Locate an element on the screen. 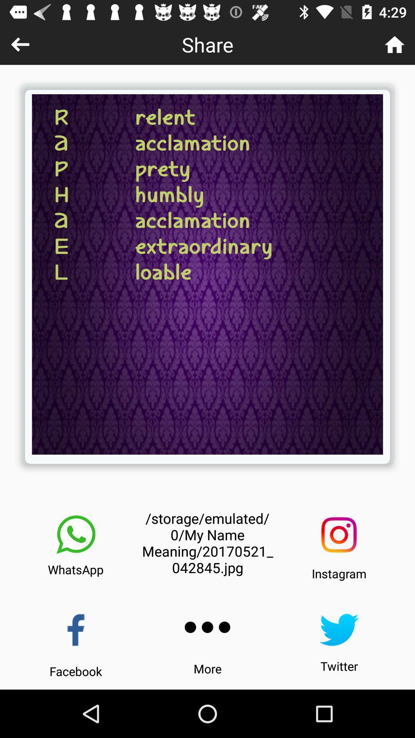 The height and width of the screenshot is (738, 415). twitter is located at coordinates (339, 630).